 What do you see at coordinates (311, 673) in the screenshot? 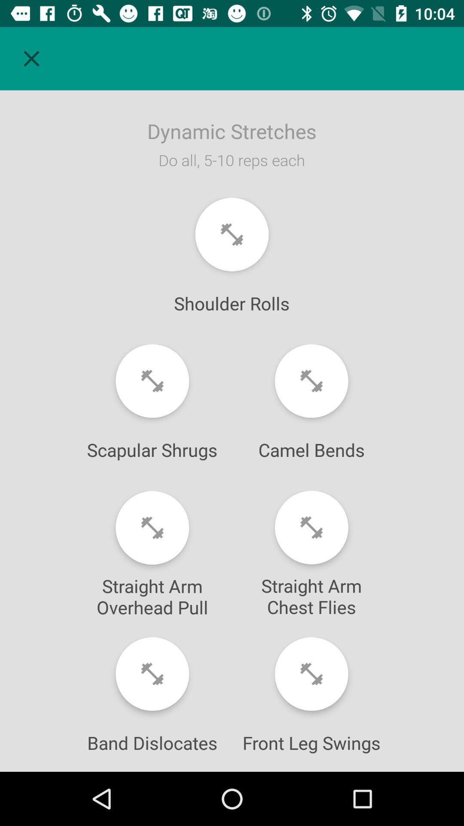
I see `begin front leg swings` at bounding box center [311, 673].